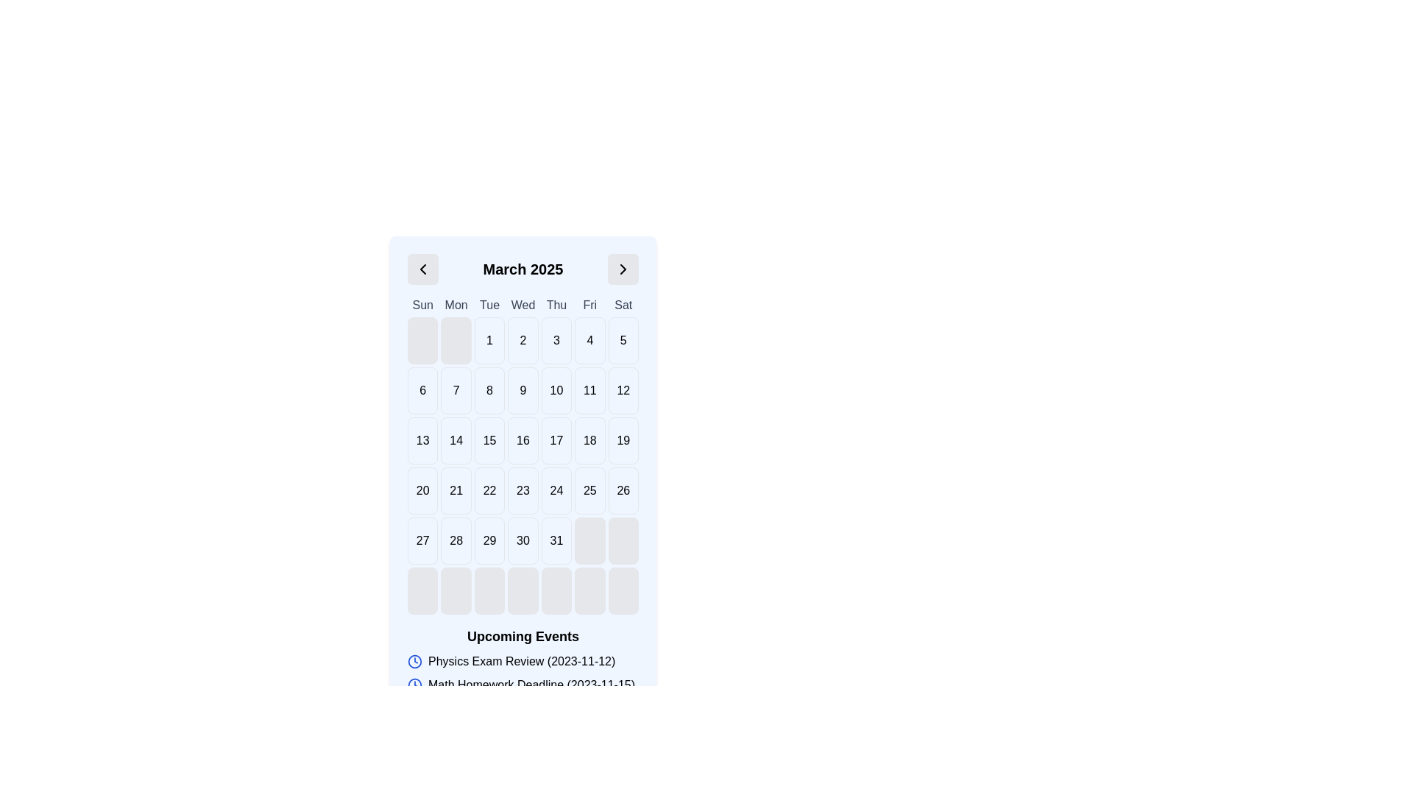  What do you see at coordinates (556, 439) in the screenshot?
I see `the calendar date box indicating the date '17' in the fifth column of the third row for March 2025` at bounding box center [556, 439].